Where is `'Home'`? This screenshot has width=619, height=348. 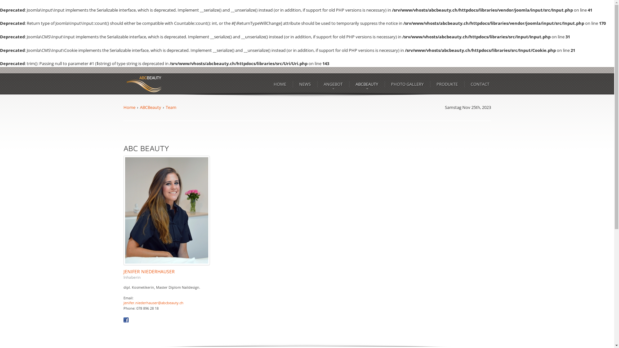 'Home' is located at coordinates (129, 107).